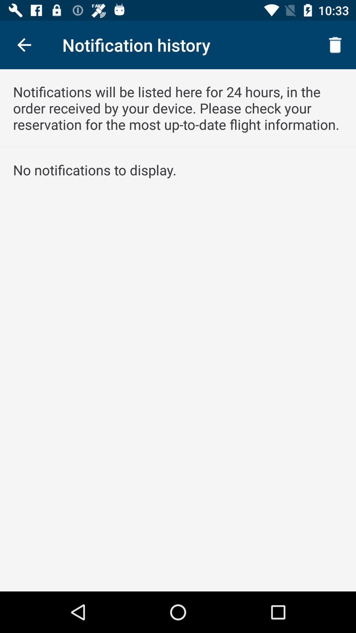 This screenshot has height=633, width=356. I want to click on icon to the left of notification history, so click(24, 45).